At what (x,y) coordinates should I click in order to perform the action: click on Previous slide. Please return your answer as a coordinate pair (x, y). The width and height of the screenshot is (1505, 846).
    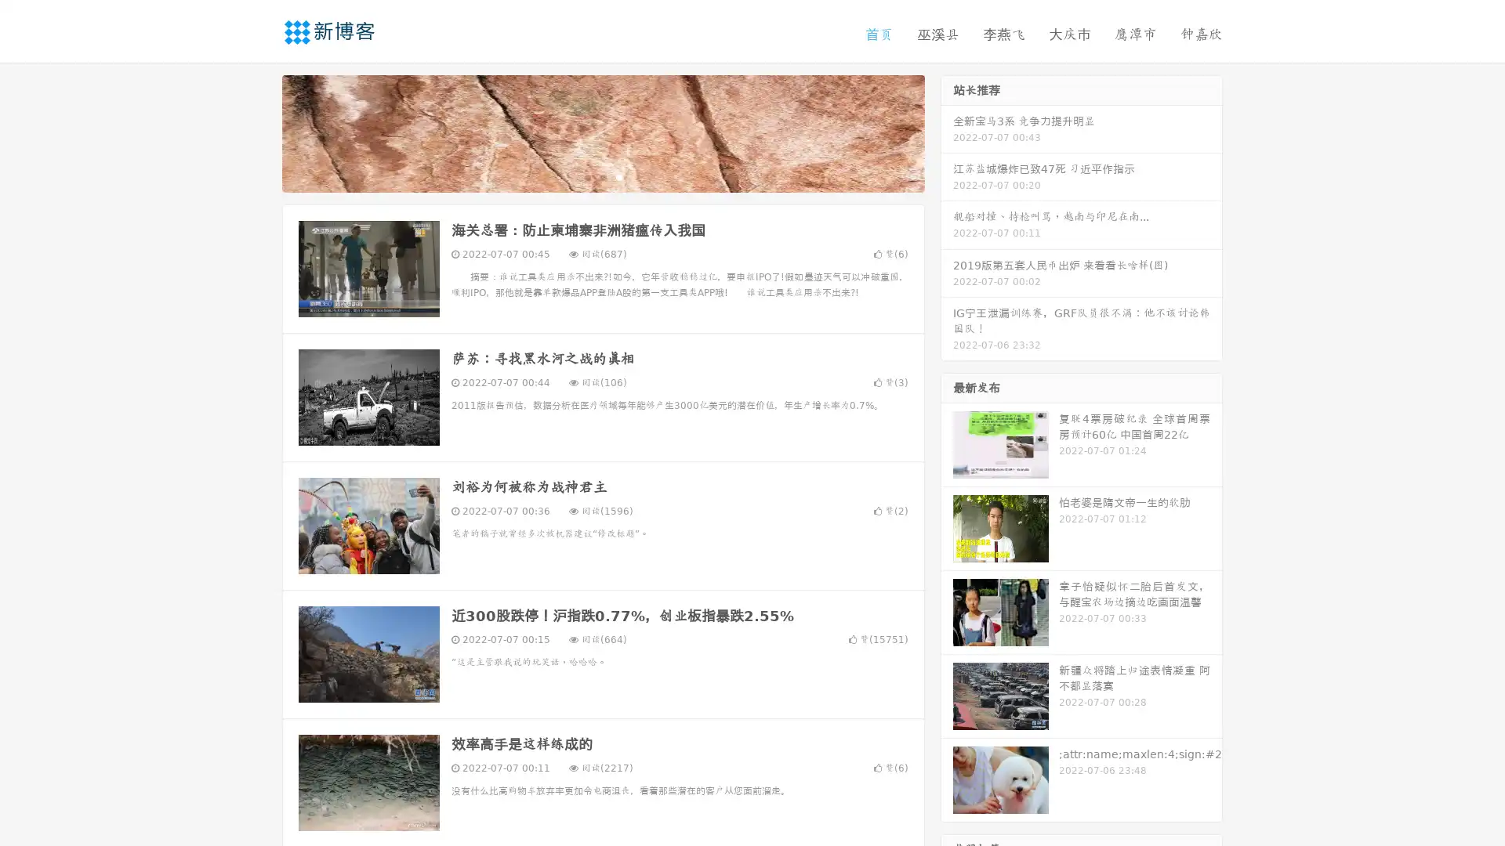
    Looking at the image, I should click on (259, 132).